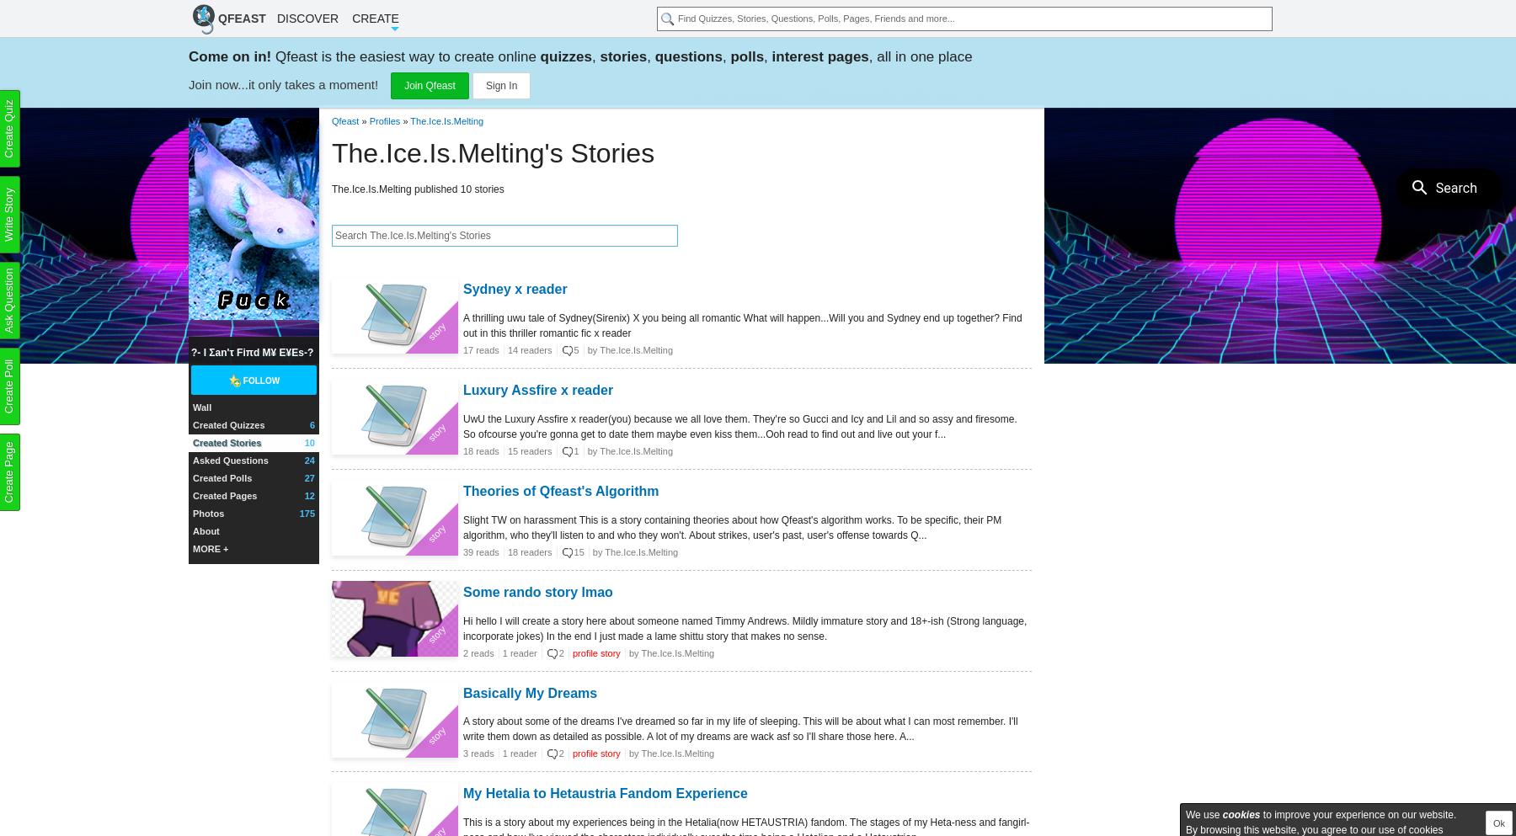  Describe the element at coordinates (8, 300) in the screenshot. I see `'Ask Question'` at that location.